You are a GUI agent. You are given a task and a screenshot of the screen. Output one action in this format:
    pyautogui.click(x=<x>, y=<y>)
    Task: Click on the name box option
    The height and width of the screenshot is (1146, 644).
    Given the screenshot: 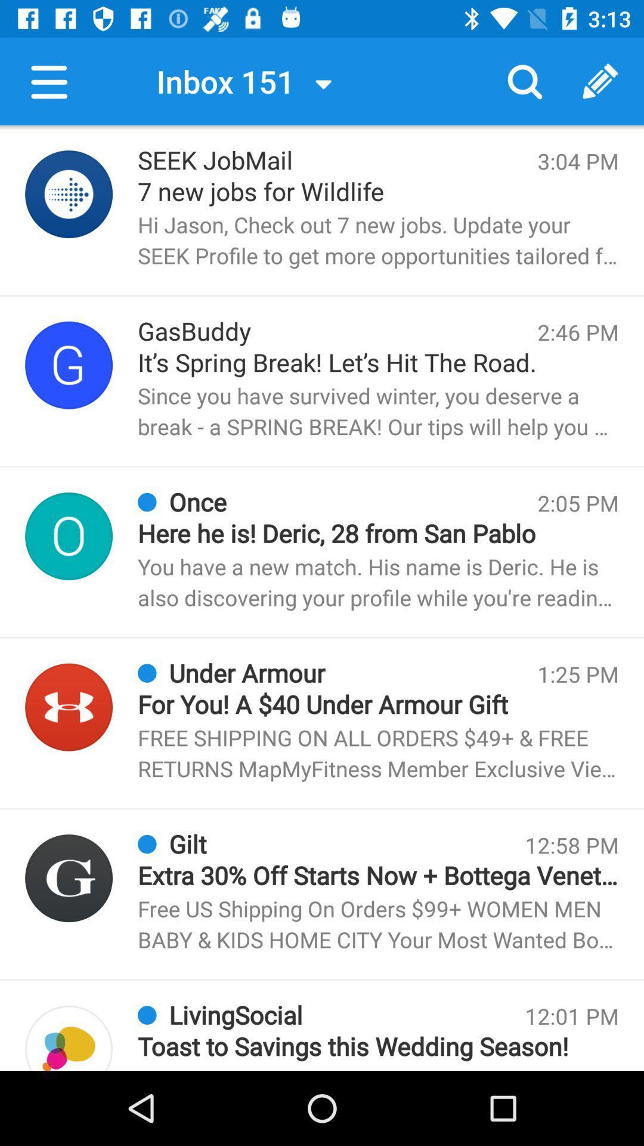 What is the action you would take?
    pyautogui.click(x=69, y=535)
    